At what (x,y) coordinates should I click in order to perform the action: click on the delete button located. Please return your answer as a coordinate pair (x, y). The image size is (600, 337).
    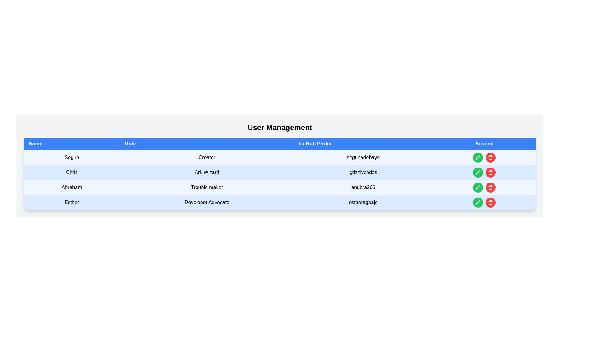
    Looking at the image, I should click on (490, 202).